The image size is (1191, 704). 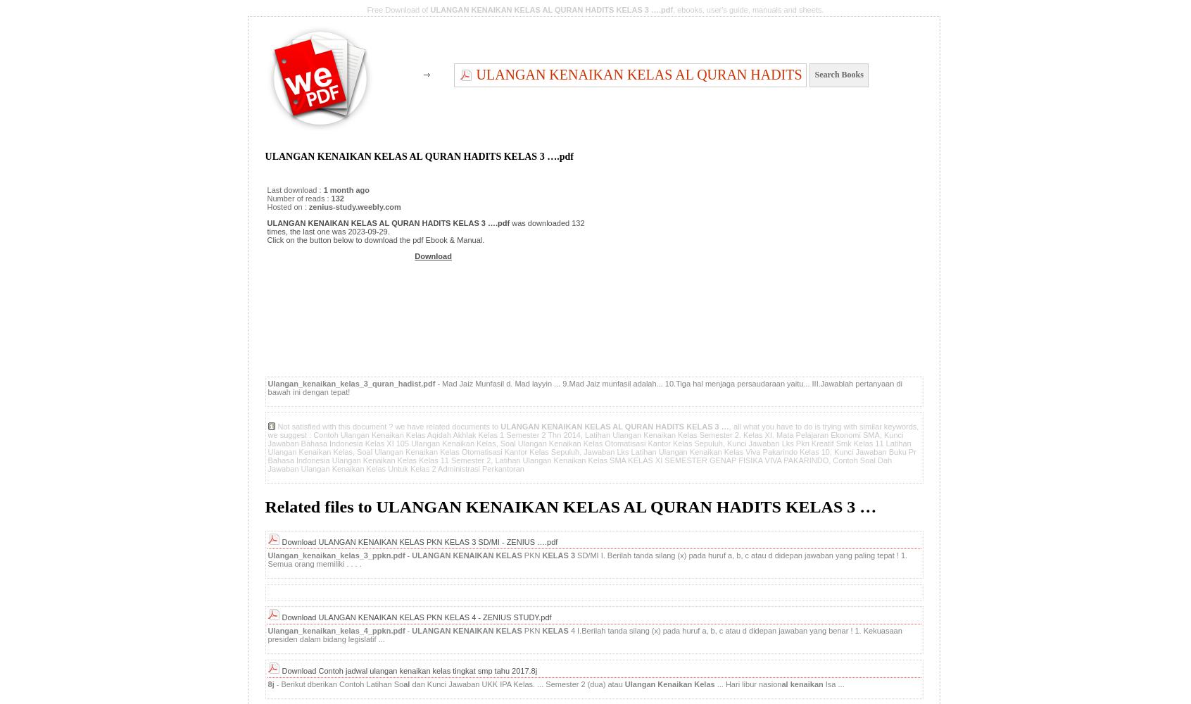 What do you see at coordinates (584, 387) in the screenshot?
I see `'- Mad Jaiz Munfasil d. Mad layyin ... 9.Mad Jaiz munfasil adalah... 10.Tiga hal menjaga persaudaraan yaitu... III.Jawablah pertanyaan di bawah ini dengan tepat!'` at bounding box center [584, 387].